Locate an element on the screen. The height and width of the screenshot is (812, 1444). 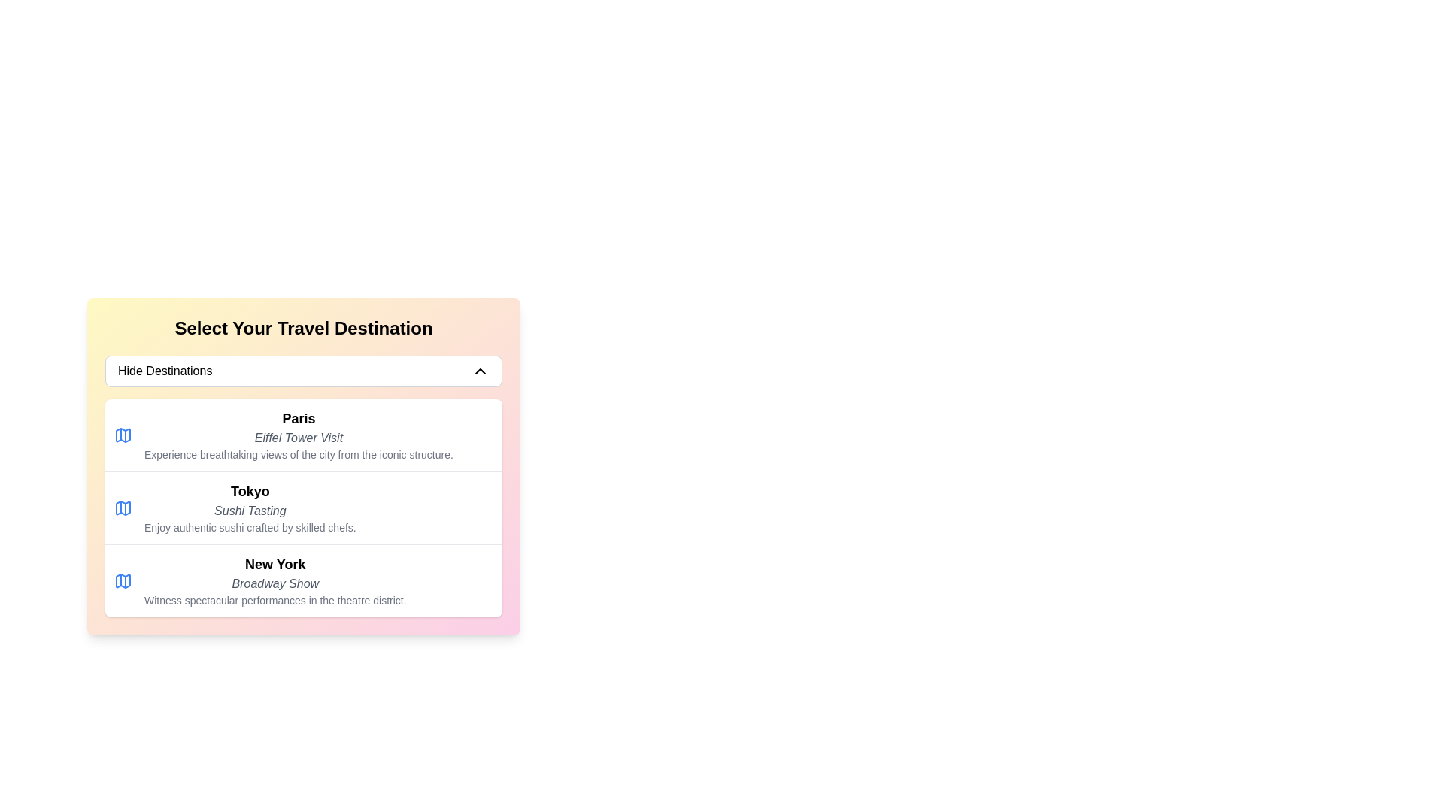
the Static Text element that serves as a heading for the Paris travel option, located at the top of the Paris section is located at coordinates (299, 418).